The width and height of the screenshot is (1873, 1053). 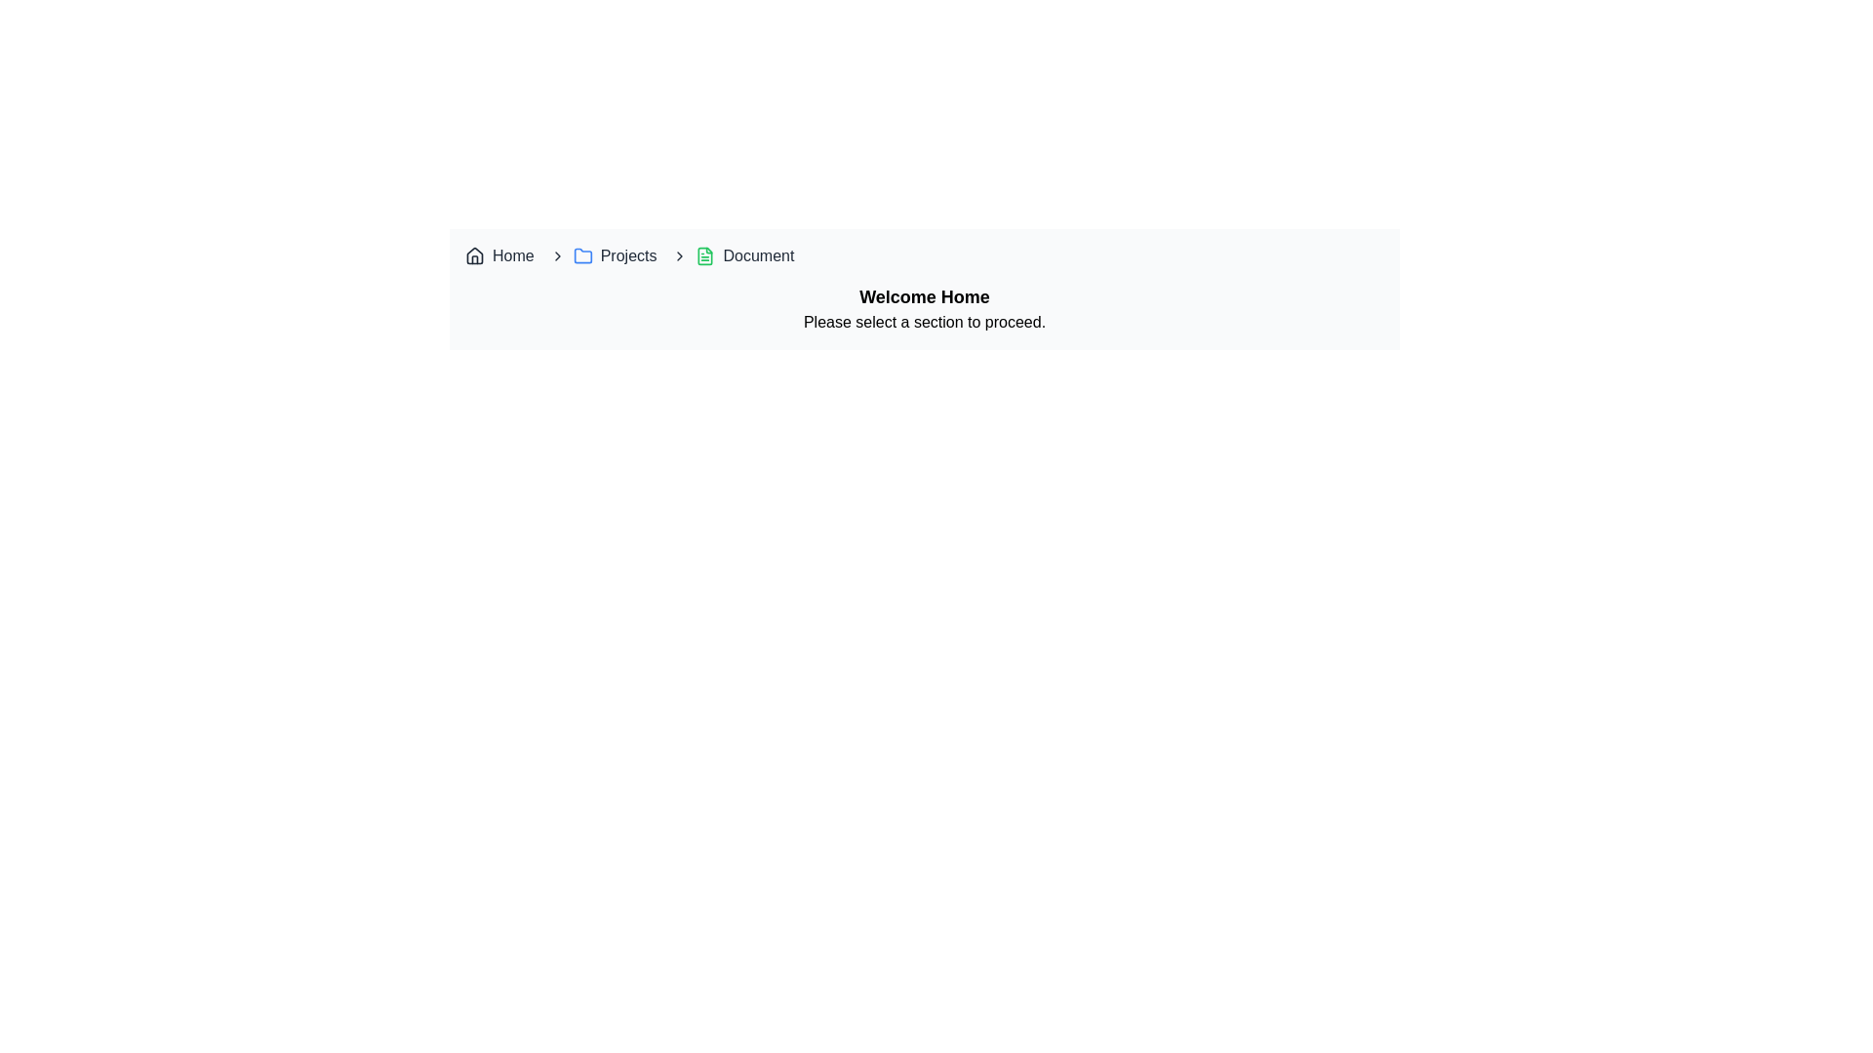 What do you see at coordinates (581, 254) in the screenshot?
I see `the 'Projects' icon in the breadcrumb navigation bar, which is the third icon following the house icon and a right chevron` at bounding box center [581, 254].